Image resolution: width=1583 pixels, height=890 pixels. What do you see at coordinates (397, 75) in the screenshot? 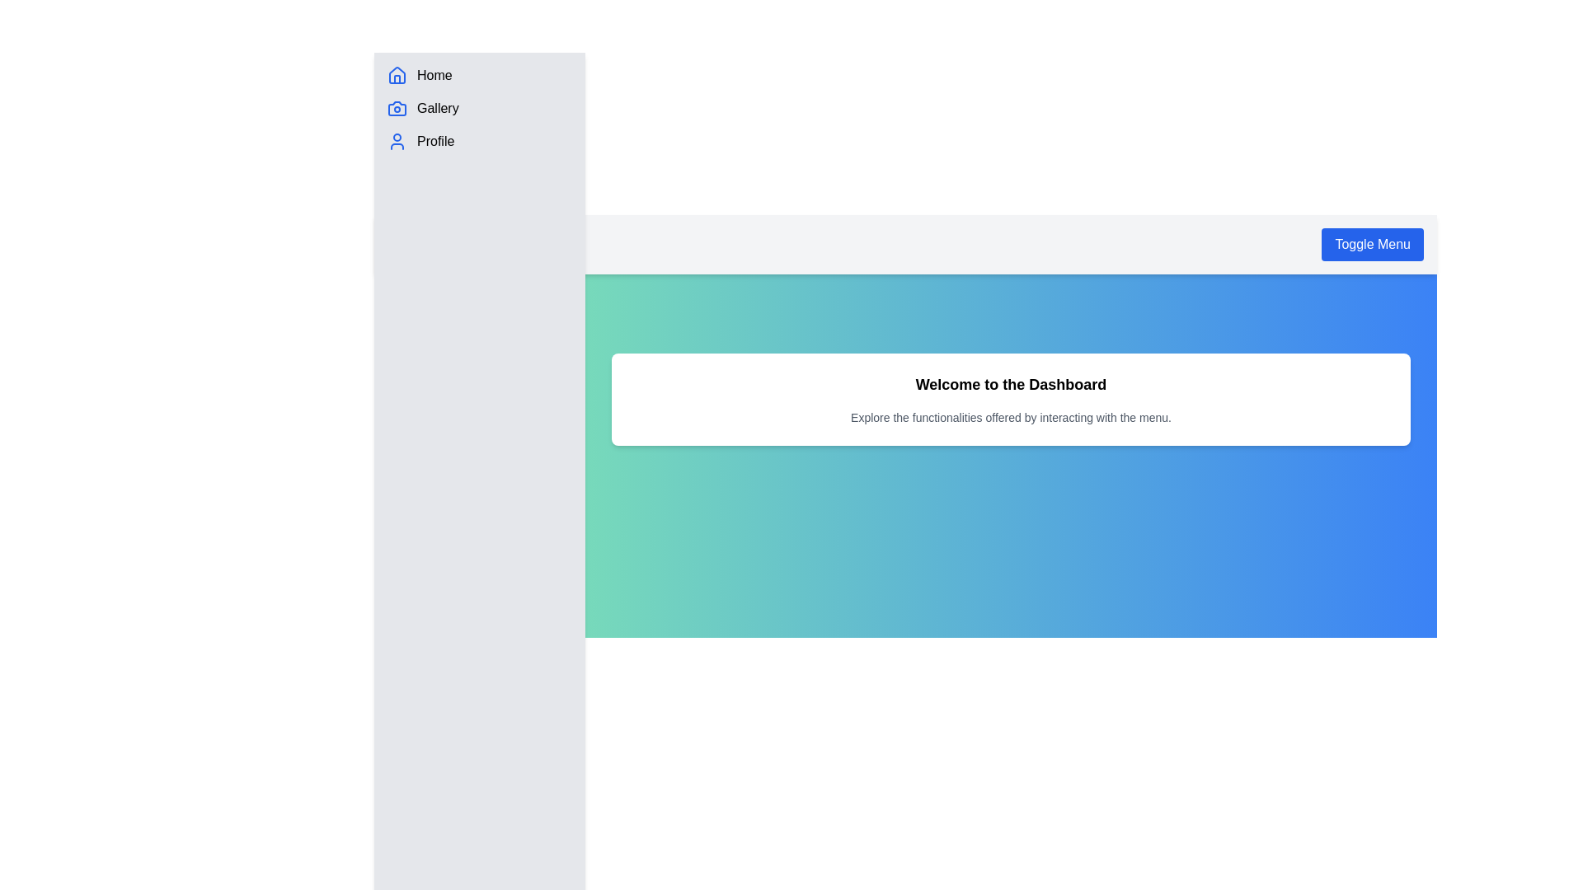
I see `the stylized blue house icon in the vertical navigation panel labeled 'Home'` at bounding box center [397, 75].